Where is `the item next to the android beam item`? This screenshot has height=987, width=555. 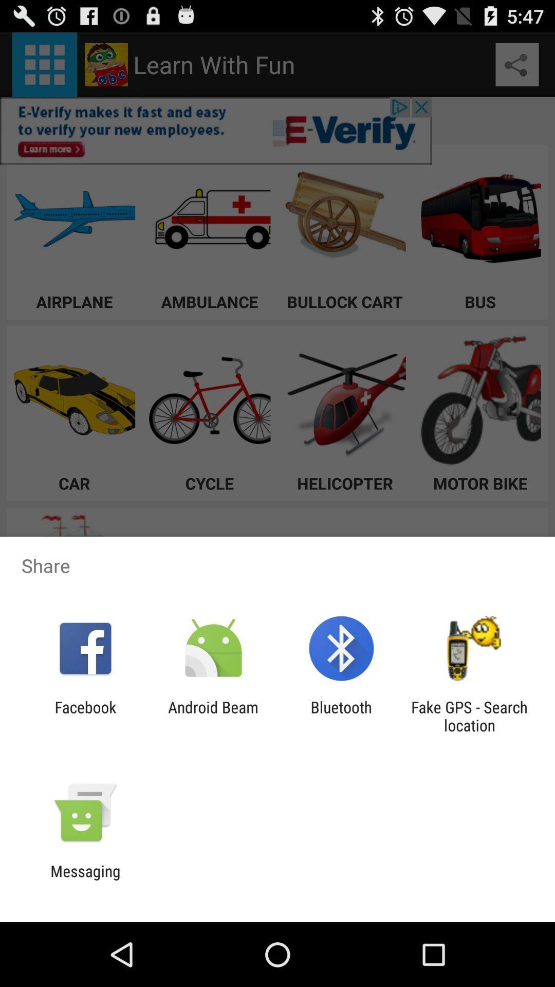 the item next to the android beam item is located at coordinates (341, 716).